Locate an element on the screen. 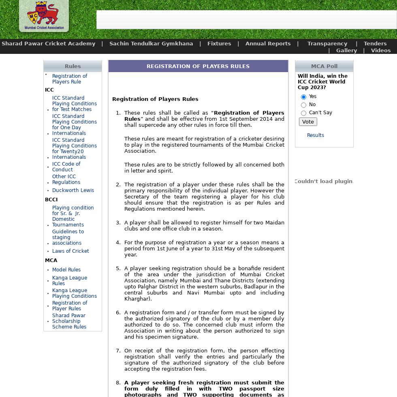 This screenshot has width=397, height=397. 'Fixtures' is located at coordinates (219, 43).